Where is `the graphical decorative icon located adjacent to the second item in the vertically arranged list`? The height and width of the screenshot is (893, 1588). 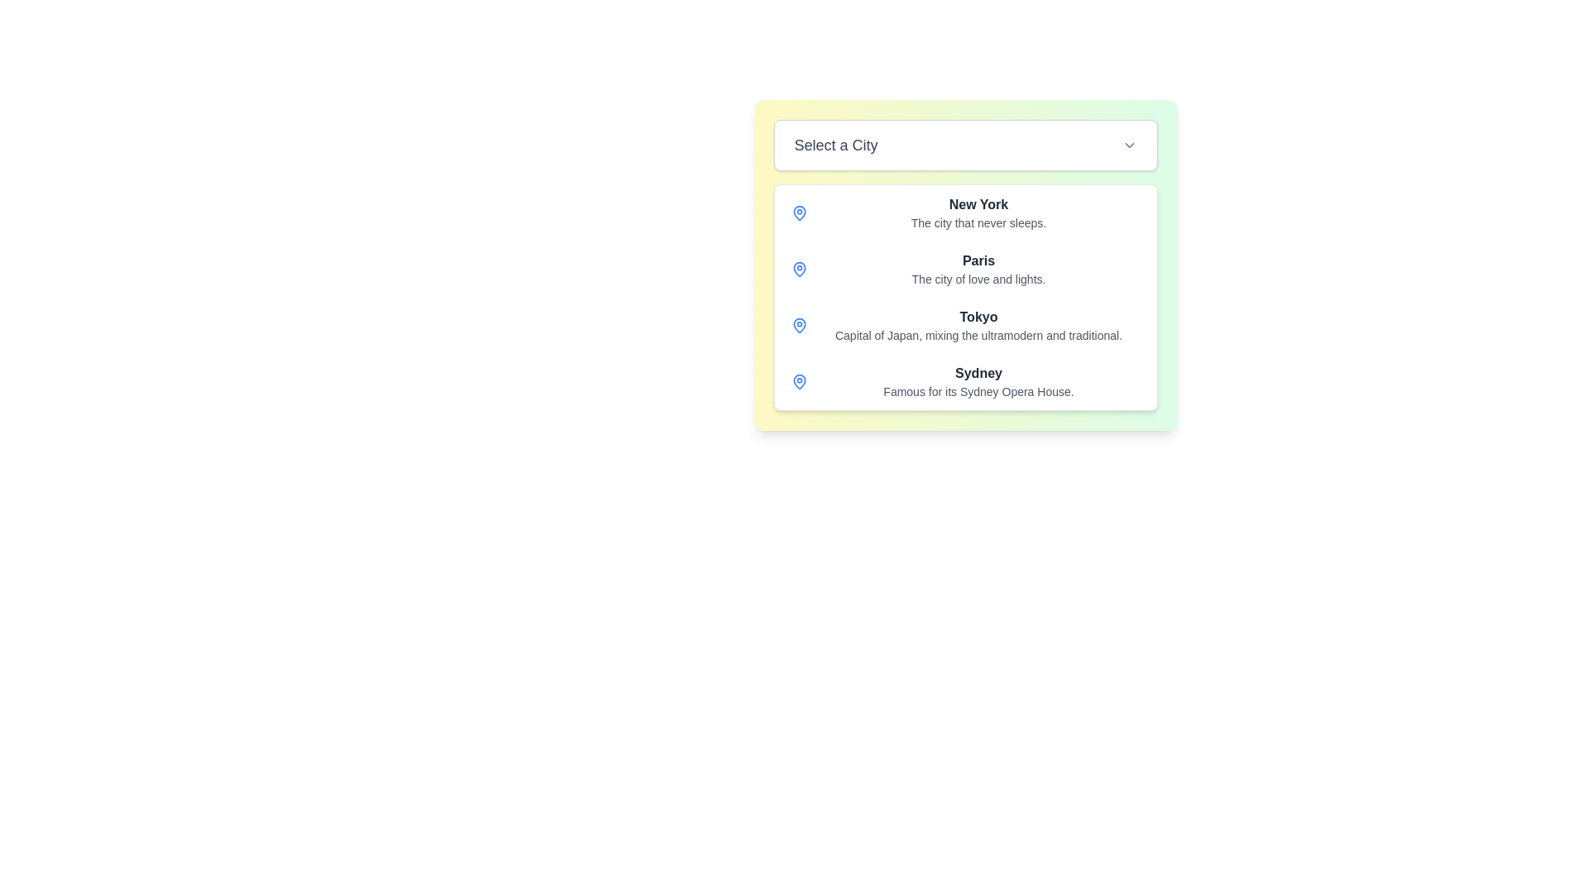
the graphical decorative icon located adjacent to the second item in the vertically arranged list is located at coordinates (799, 269).